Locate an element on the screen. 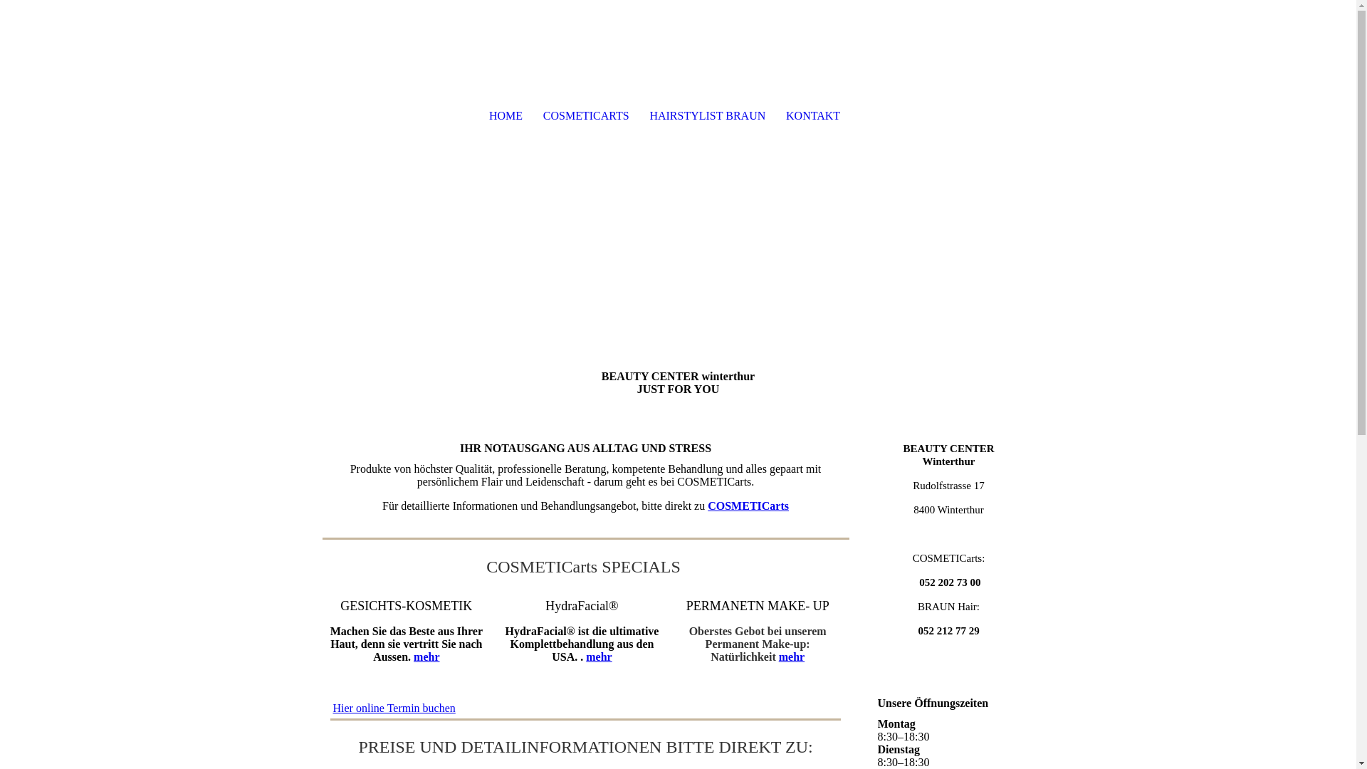 The image size is (1367, 769). 'COSMETICARTS' is located at coordinates (585, 115).